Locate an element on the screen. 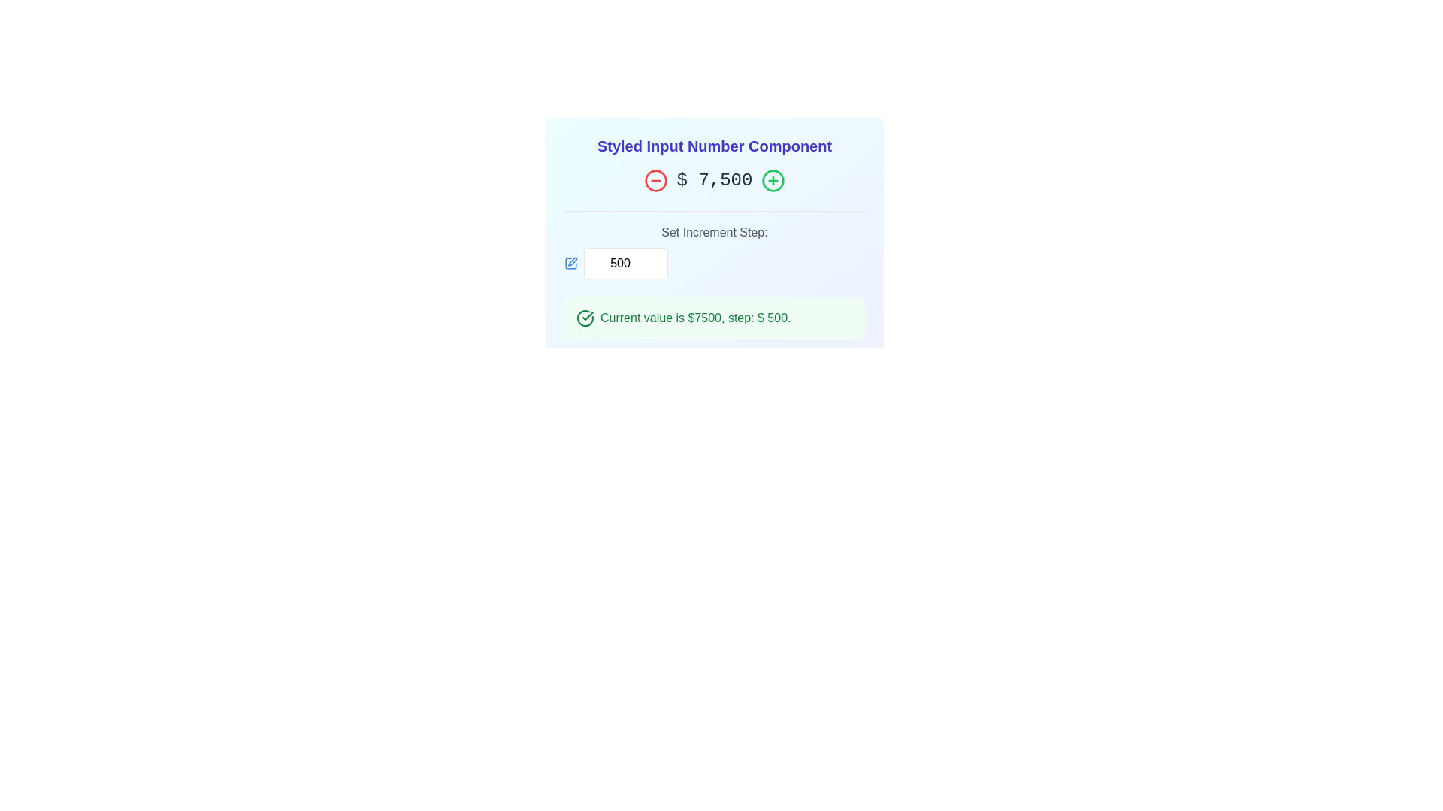 The height and width of the screenshot is (811, 1443). the icon representing an editable state or tool that is part of an SVG group near the input box for setting the increment step, to perform an action on the nearby input if the icon is actionable is located at coordinates (570, 263).